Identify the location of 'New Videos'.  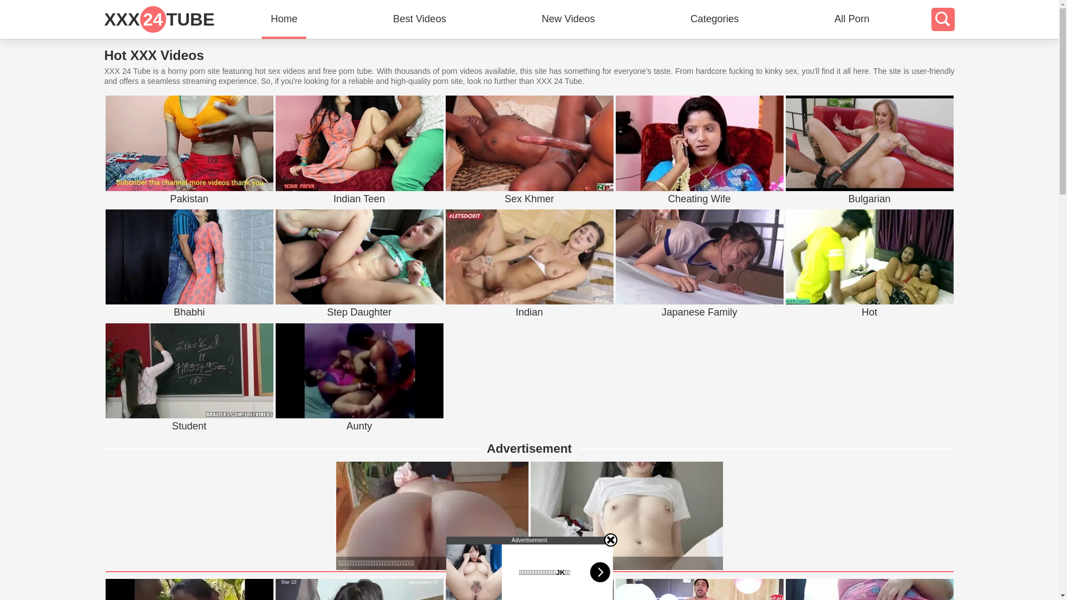
(568, 19).